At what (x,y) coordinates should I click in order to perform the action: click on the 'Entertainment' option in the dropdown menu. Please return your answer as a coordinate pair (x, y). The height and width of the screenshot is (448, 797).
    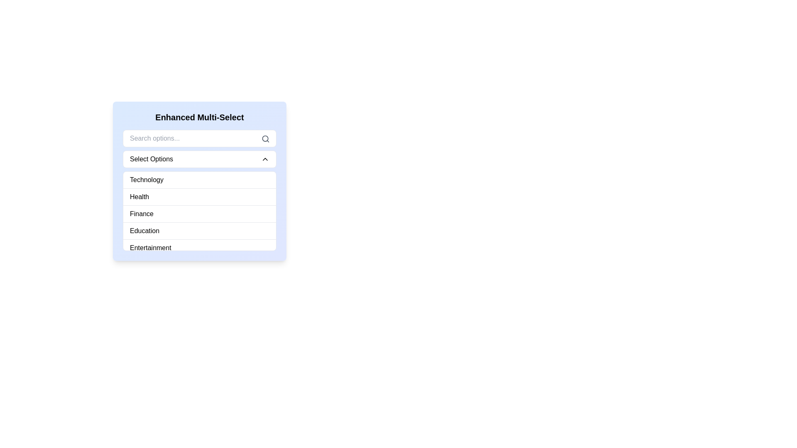
    Looking at the image, I should click on (150, 247).